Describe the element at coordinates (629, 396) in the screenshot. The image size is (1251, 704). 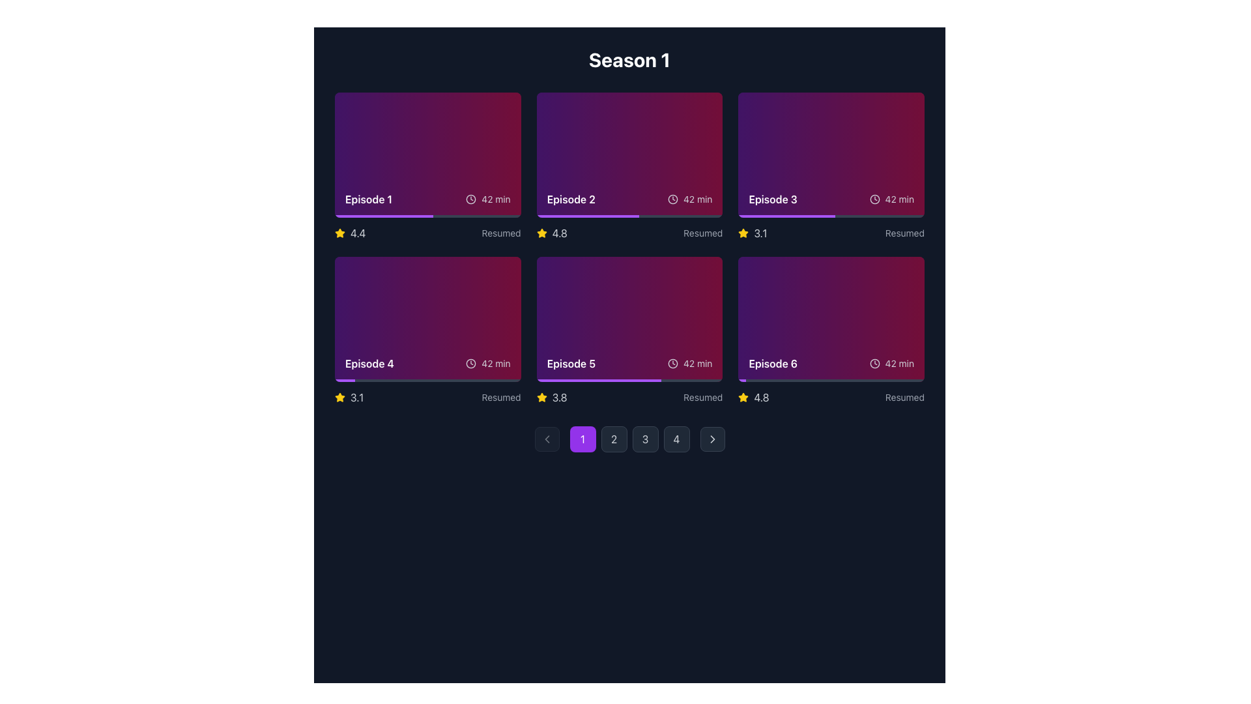
I see `the composite display component that shows the rating (3.8) and status (Resumed) for Episode 5` at that location.